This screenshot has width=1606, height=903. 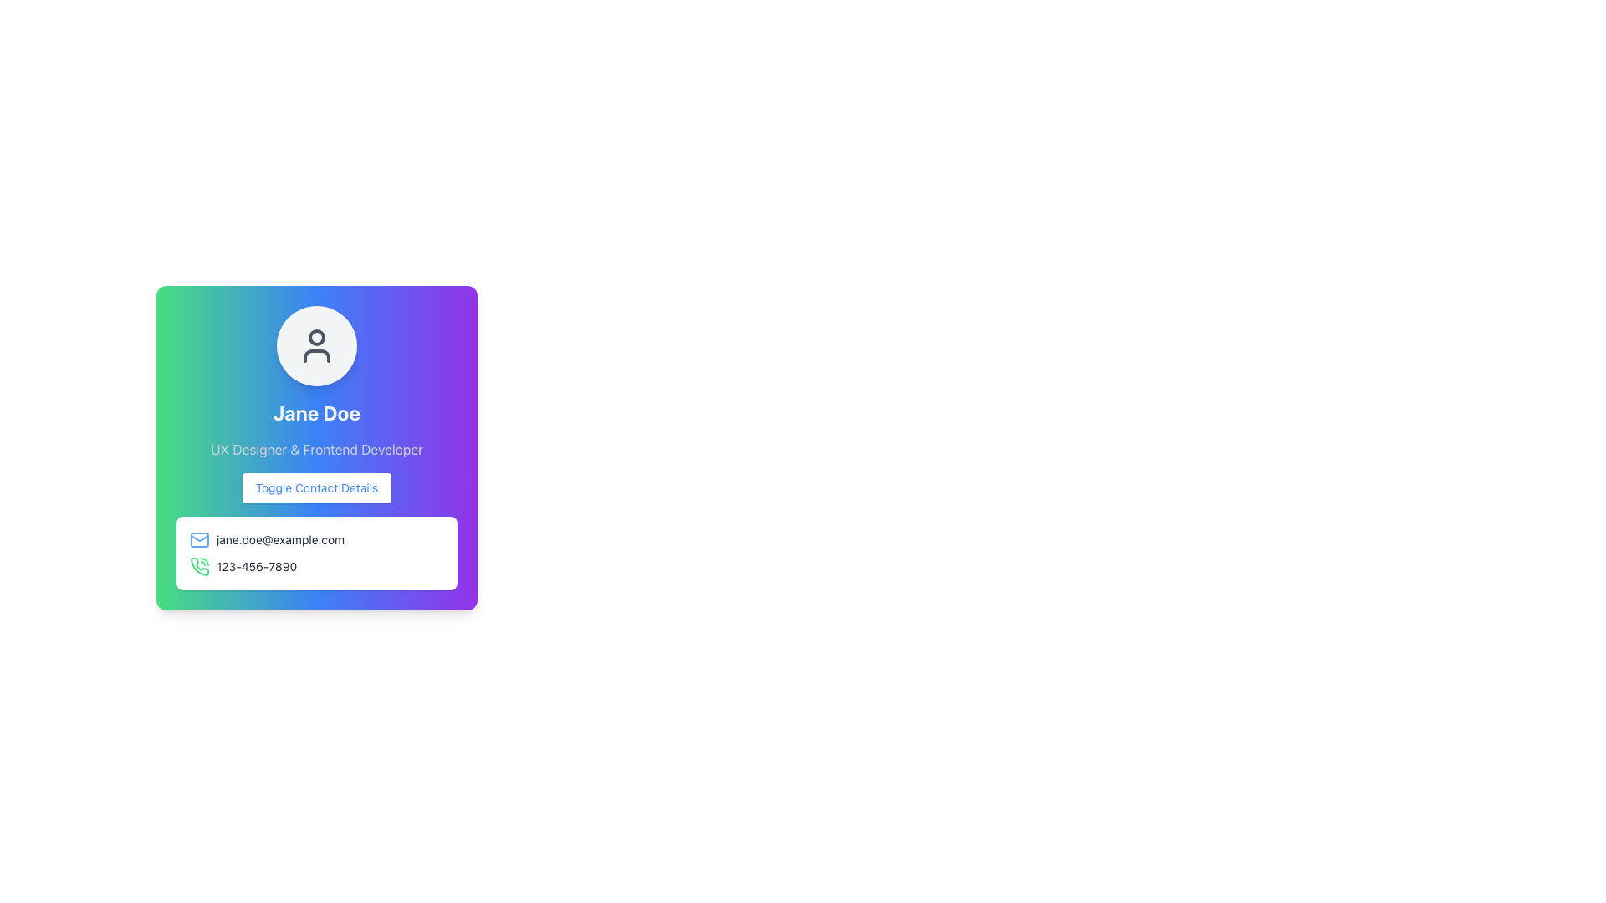 What do you see at coordinates (200, 539) in the screenshot?
I see `the mail icon, which is a blue rounded rectangular graphic resembling an envelope, located at the bottom-left of the contact card` at bounding box center [200, 539].